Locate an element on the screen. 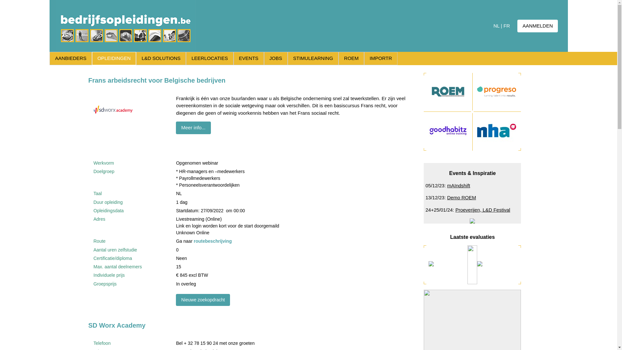 The width and height of the screenshot is (622, 350). 'Proeverijen, L&D Festival' is located at coordinates (483, 210).